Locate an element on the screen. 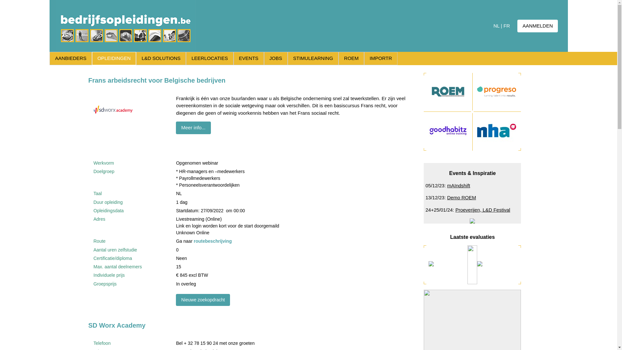 The width and height of the screenshot is (622, 350). 'Proeverijen, L&D Festival' is located at coordinates (483, 210).